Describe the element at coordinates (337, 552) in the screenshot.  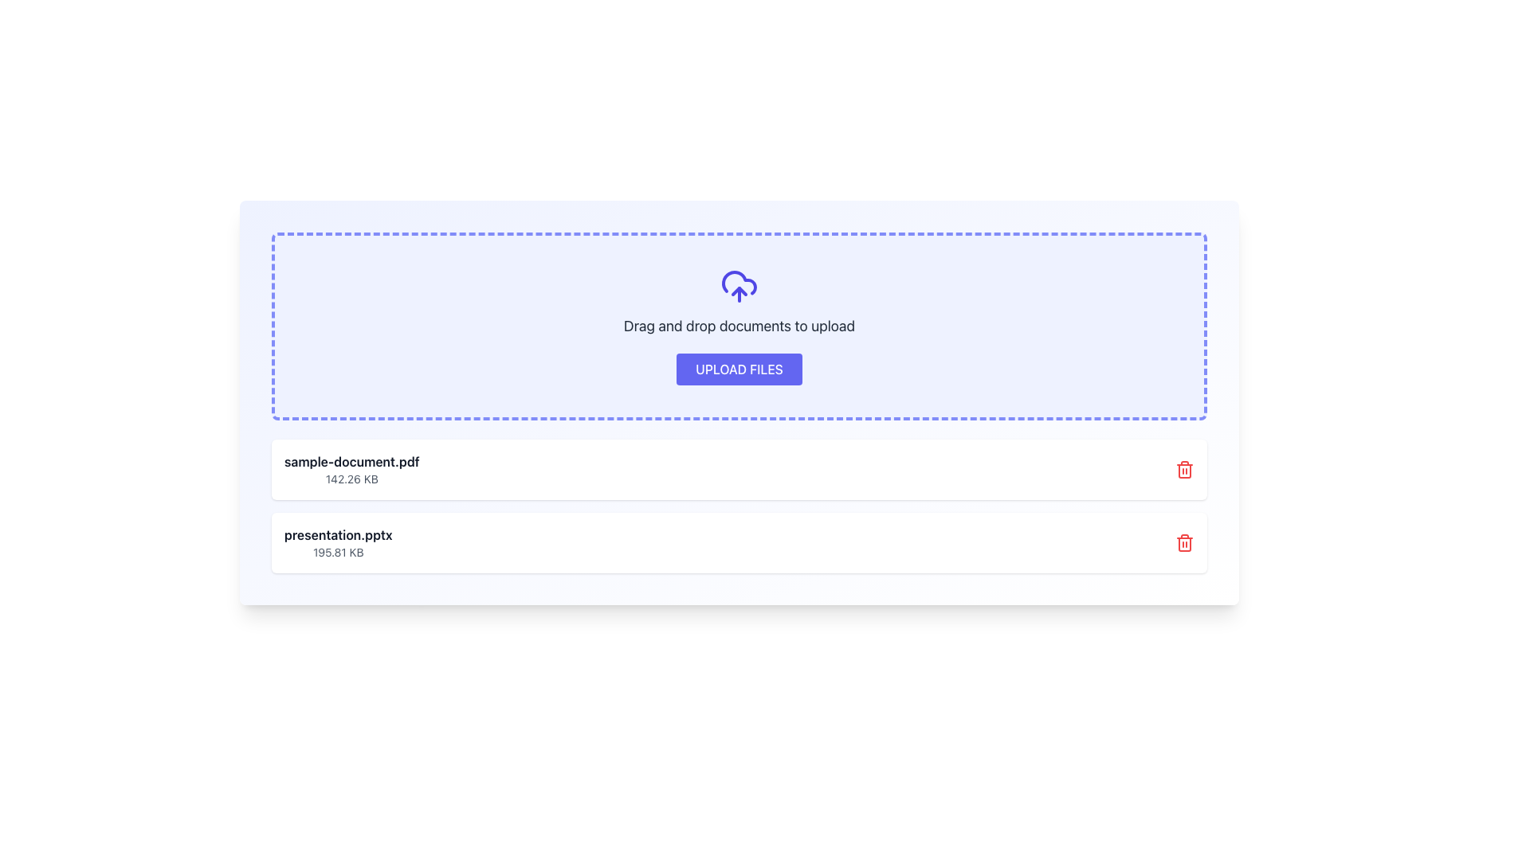
I see `the Text Label displaying the file size '195.81 KB', which is styled in gray and positioned below the filename 'presentation.pptx'` at that location.